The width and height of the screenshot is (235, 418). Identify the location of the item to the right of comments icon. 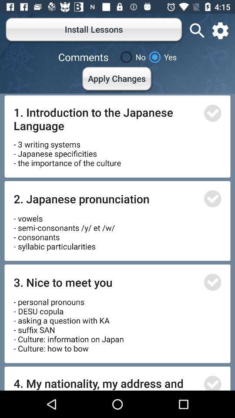
(131, 57).